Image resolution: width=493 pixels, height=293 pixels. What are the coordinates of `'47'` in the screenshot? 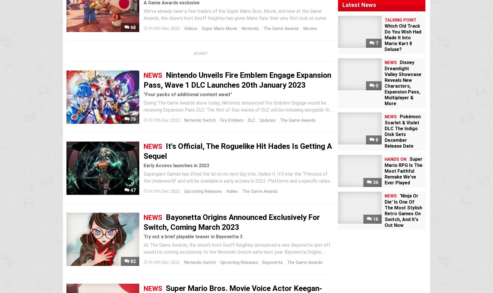 It's located at (132, 190).